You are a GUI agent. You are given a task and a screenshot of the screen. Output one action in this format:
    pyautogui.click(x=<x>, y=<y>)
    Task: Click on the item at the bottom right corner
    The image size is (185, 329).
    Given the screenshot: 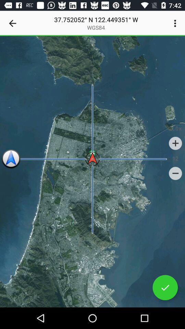 What is the action you would take?
    pyautogui.click(x=165, y=288)
    